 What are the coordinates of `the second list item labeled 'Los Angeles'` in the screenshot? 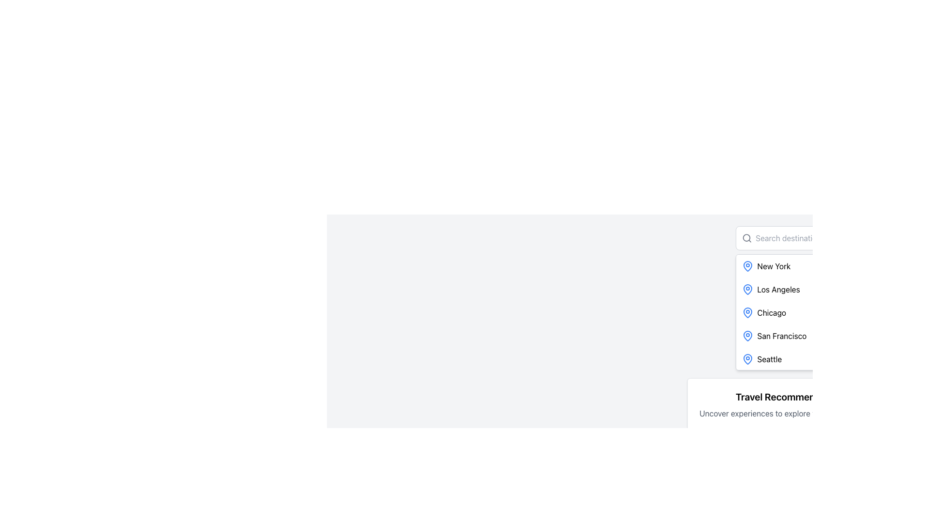 It's located at (792, 298).